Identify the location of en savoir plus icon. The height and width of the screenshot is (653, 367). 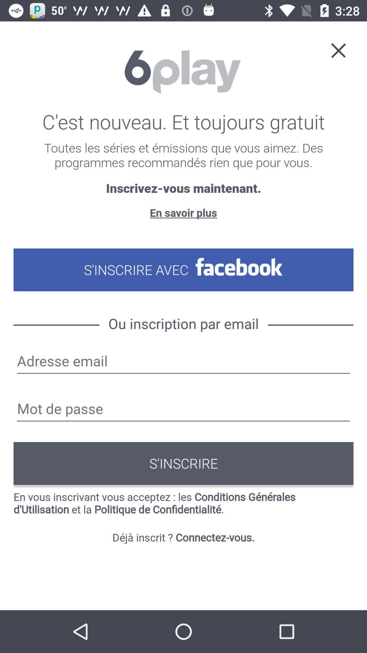
(183, 212).